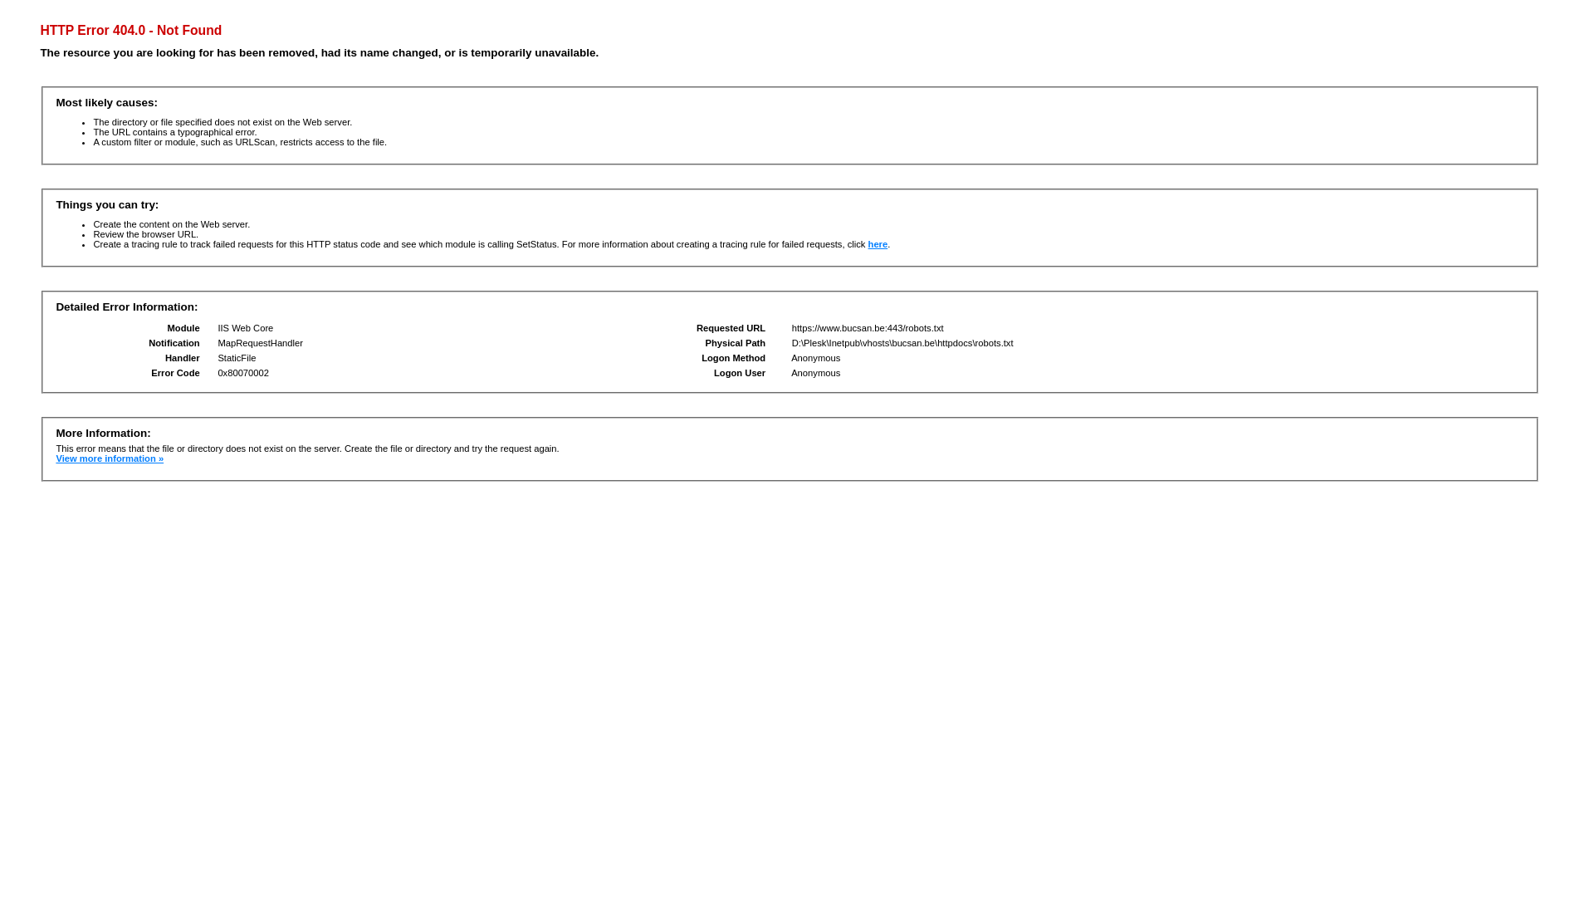  Describe the element at coordinates (877, 243) in the screenshot. I see `'here'` at that location.